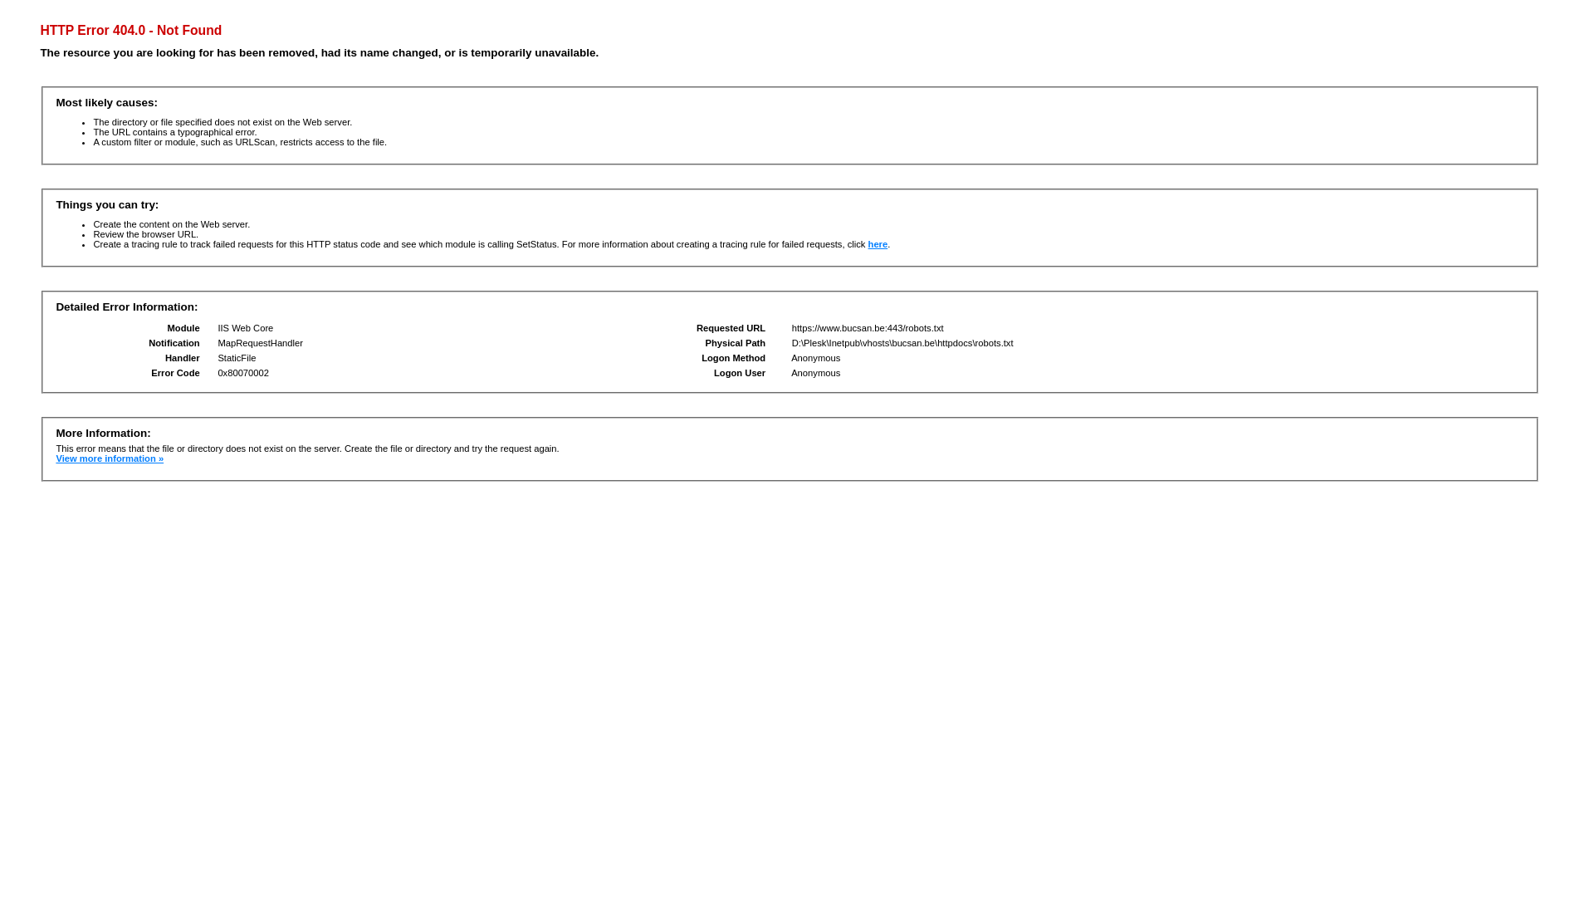  Describe the element at coordinates (877, 243) in the screenshot. I see `'here'` at that location.